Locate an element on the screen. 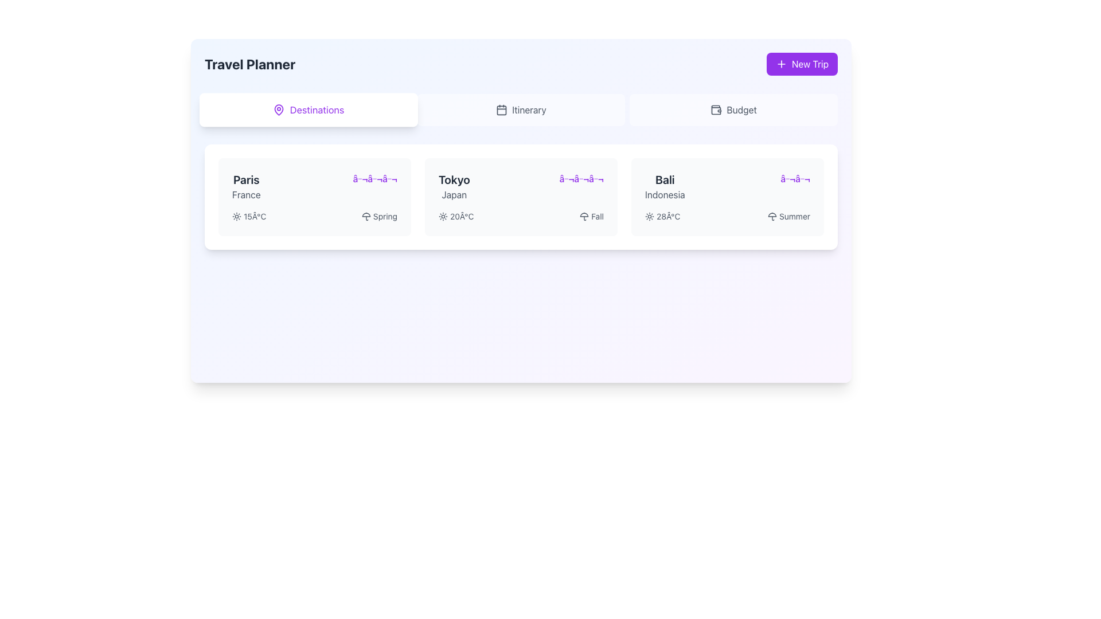 This screenshot has width=1101, height=619. the small umbrella icon located at the bottom right of the 'Paris' destination card, adjacent to the 'Spring' label is located at coordinates (365, 217).